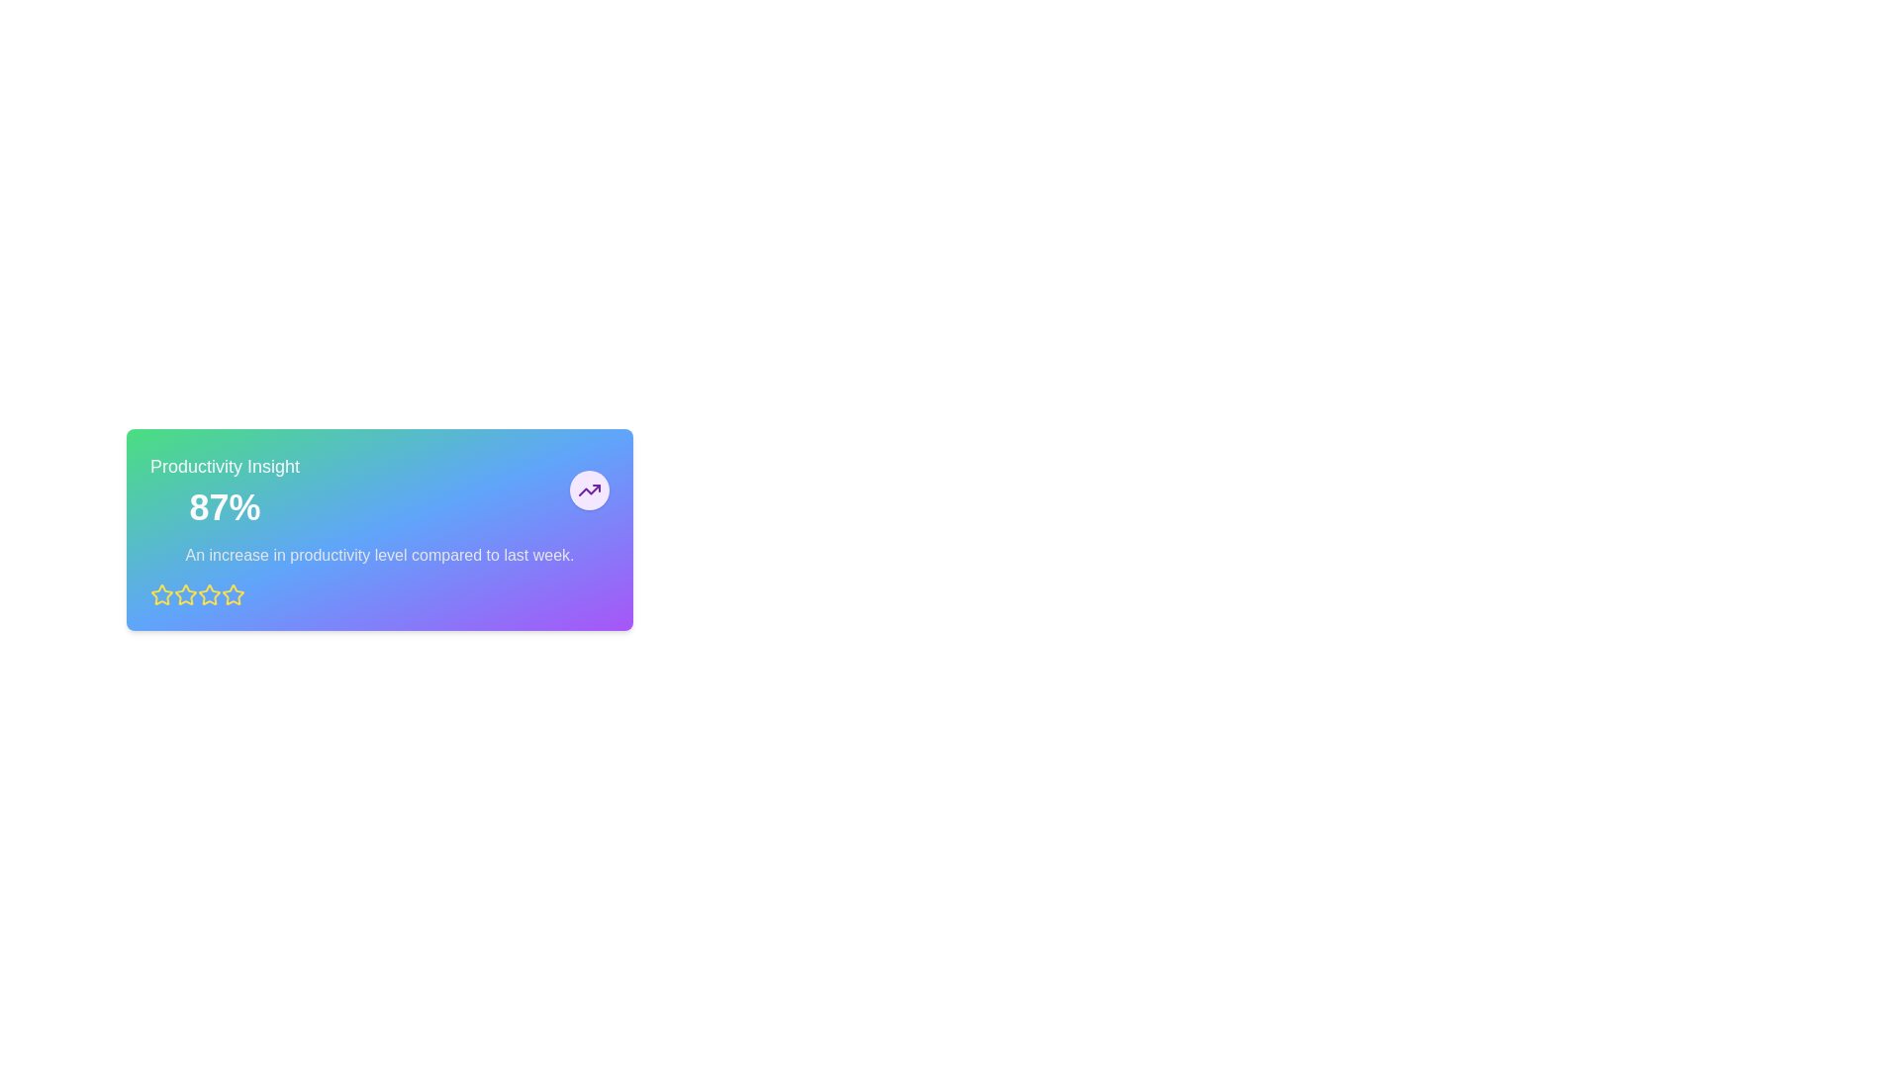 The height and width of the screenshot is (1068, 1900). I want to click on the second star from the left in the row of five star icons located in the bottom-left corner of the card, so click(209, 593).